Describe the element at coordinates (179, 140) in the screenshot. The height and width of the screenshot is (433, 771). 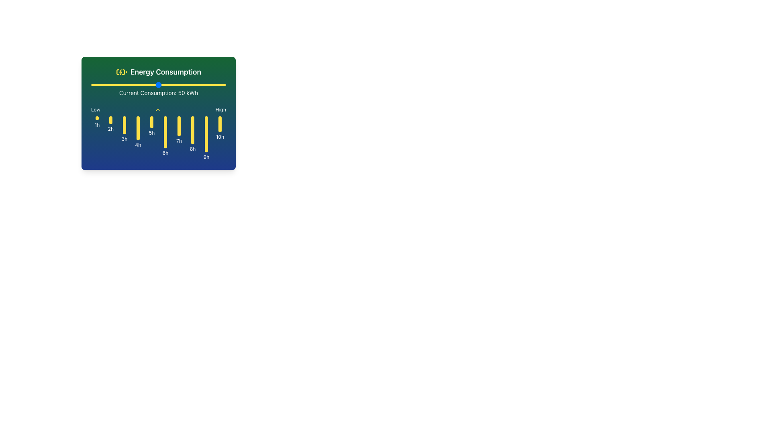
I see `the time dimension label indicating 7 hours, which is located underneath the seventh yellow bar in the energy consumption chart, positioned to the right of the '6h' label and to the left of the '8h' label` at that location.